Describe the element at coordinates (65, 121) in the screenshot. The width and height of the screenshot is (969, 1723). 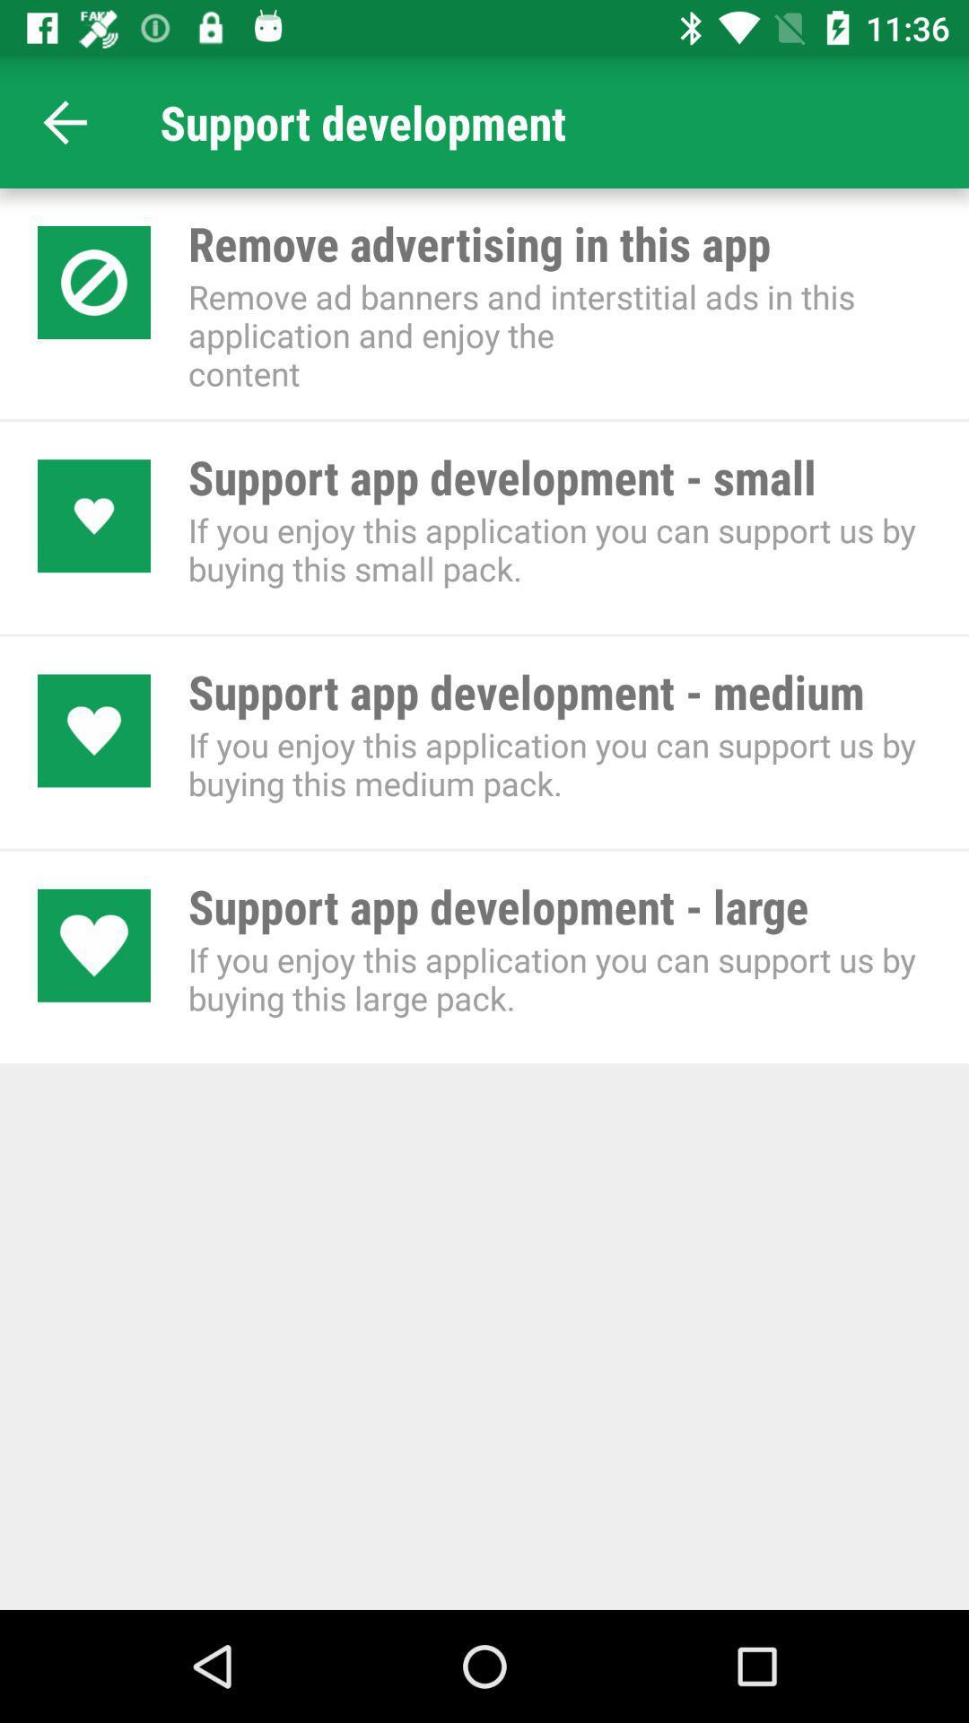
I see `item to the left of support development` at that location.